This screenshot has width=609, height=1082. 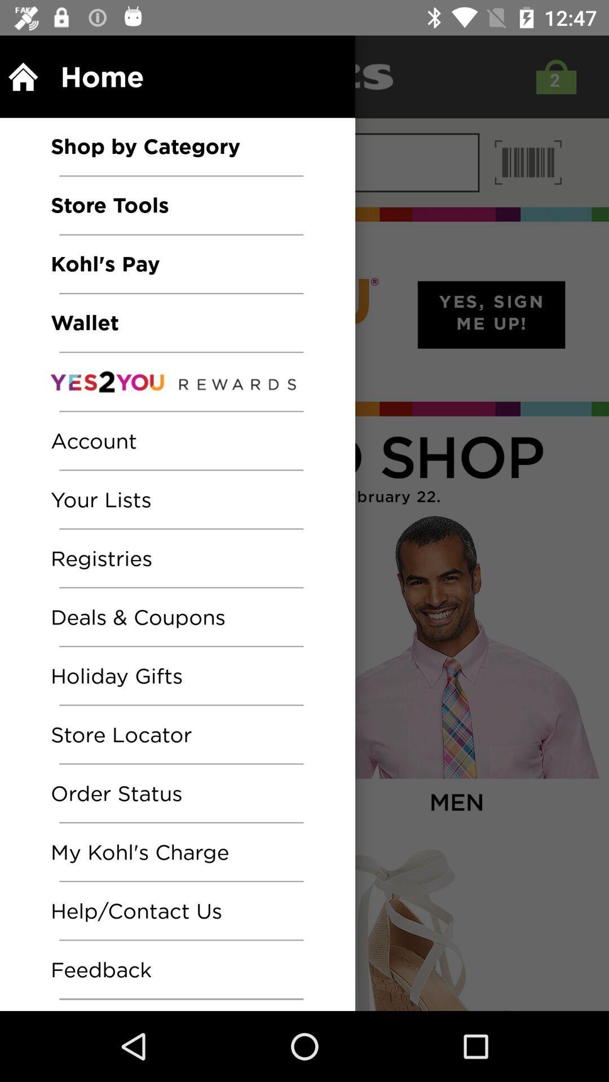 I want to click on the shop icon, so click(x=553, y=76).